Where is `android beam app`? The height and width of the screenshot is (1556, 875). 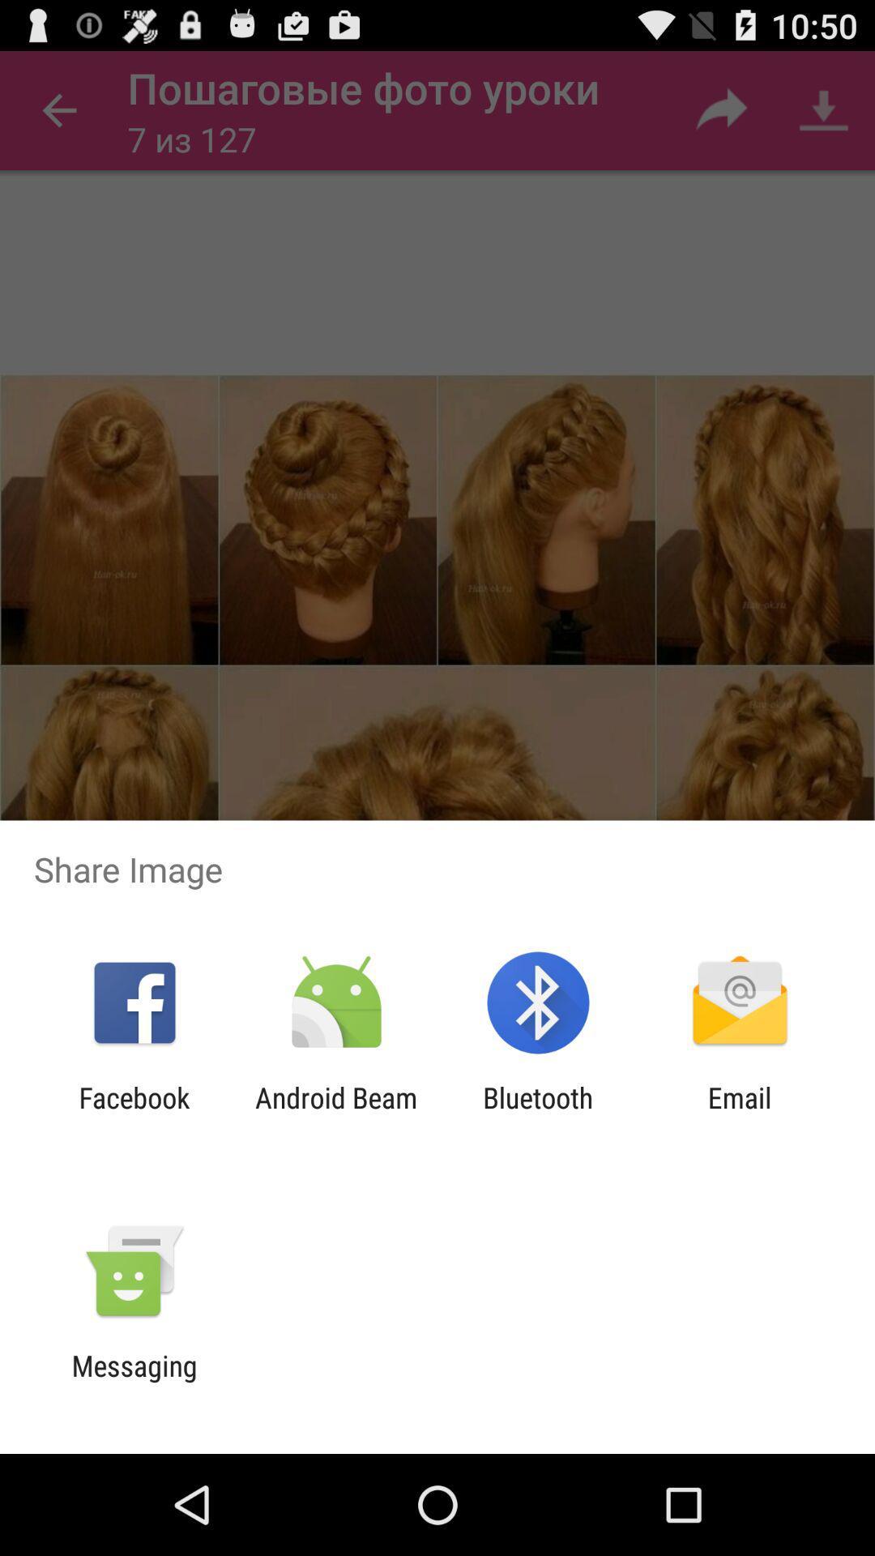
android beam app is located at coordinates (335, 1114).